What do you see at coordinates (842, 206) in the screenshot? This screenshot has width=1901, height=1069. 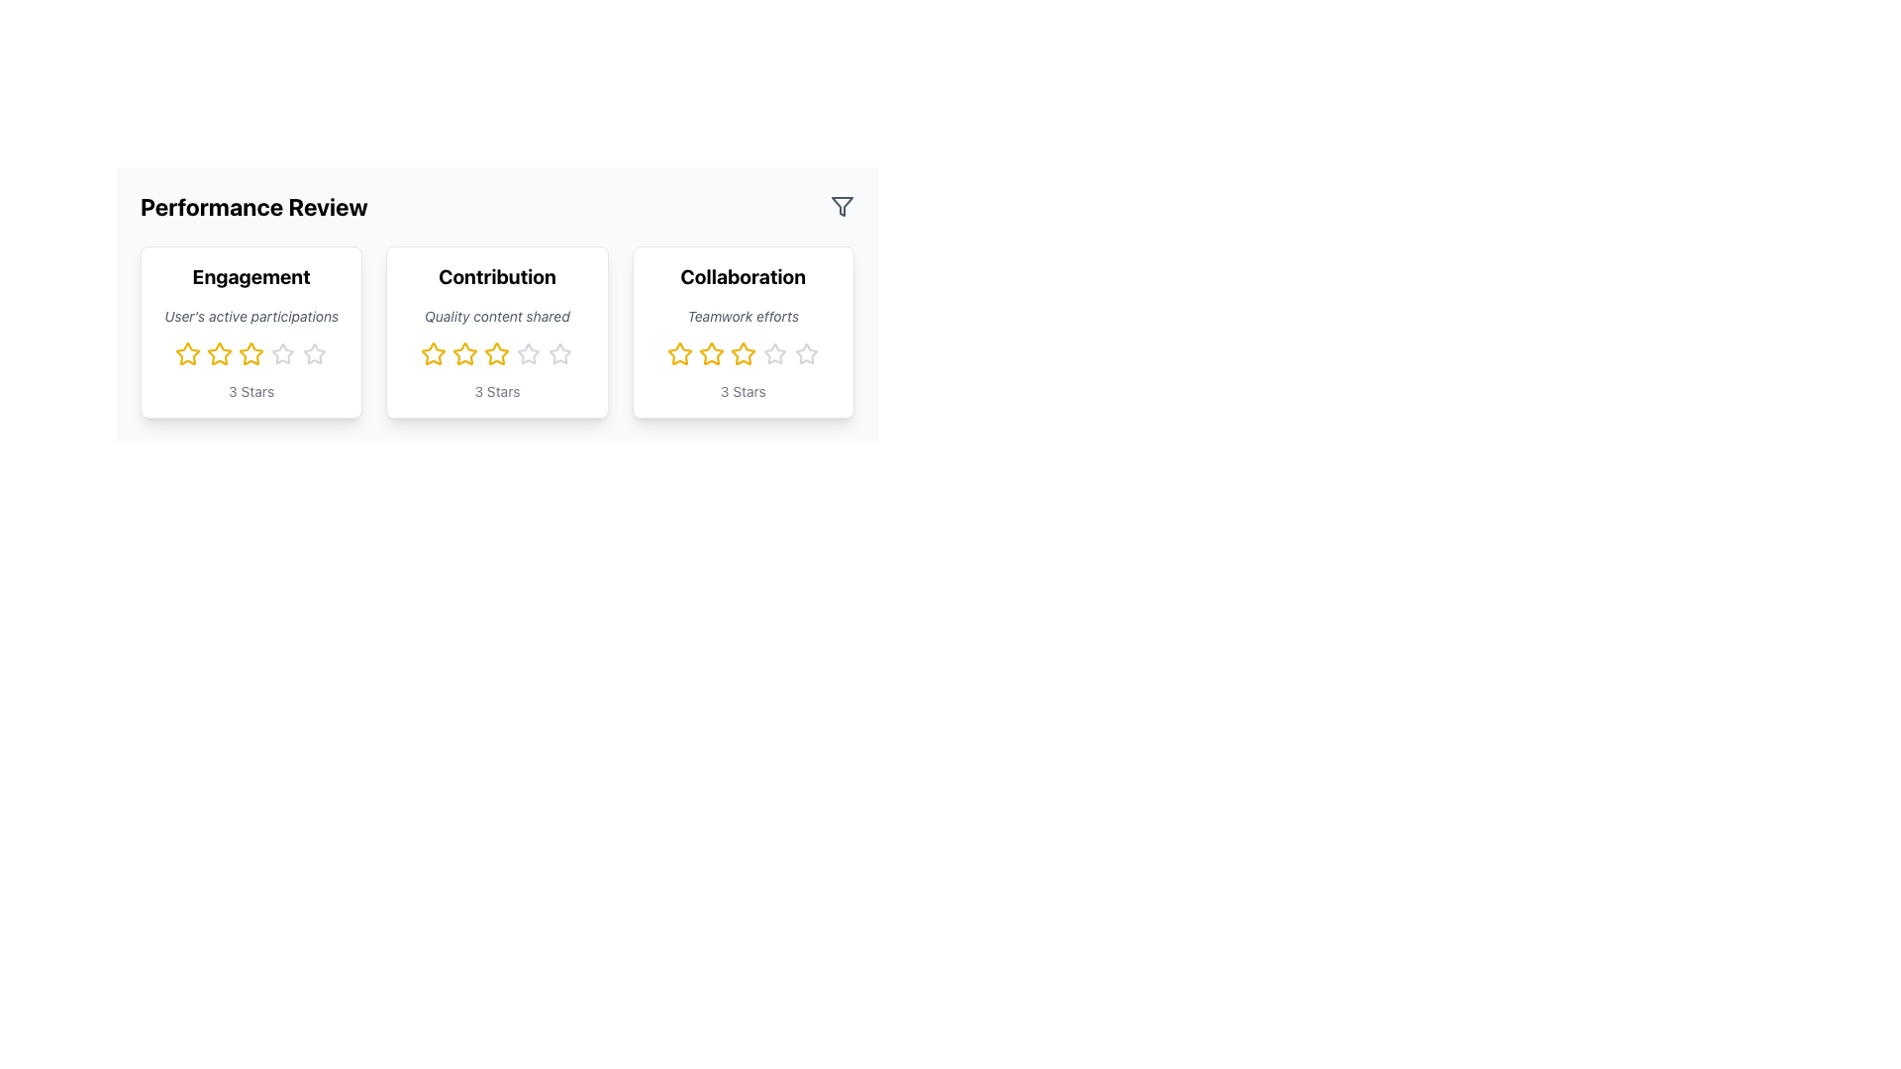 I see `the SVG filter icon located in the top-right corner of the 'Performance Review' header` at bounding box center [842, 206].